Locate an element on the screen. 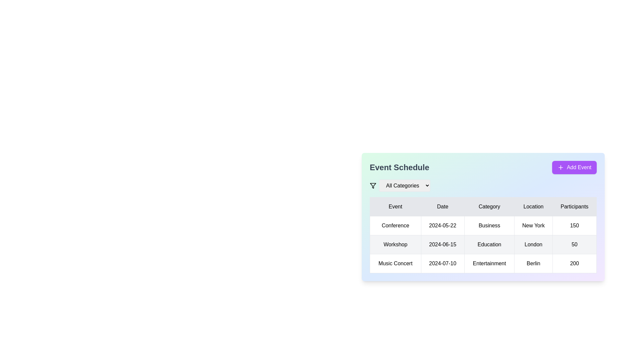 Image resolution: width=639 pixels, height=359 pixels. the Table Header element labeled 'Location', which is the fourth header in a row beneath the 'Event Schedule' section is located at coordinates (533, 206).